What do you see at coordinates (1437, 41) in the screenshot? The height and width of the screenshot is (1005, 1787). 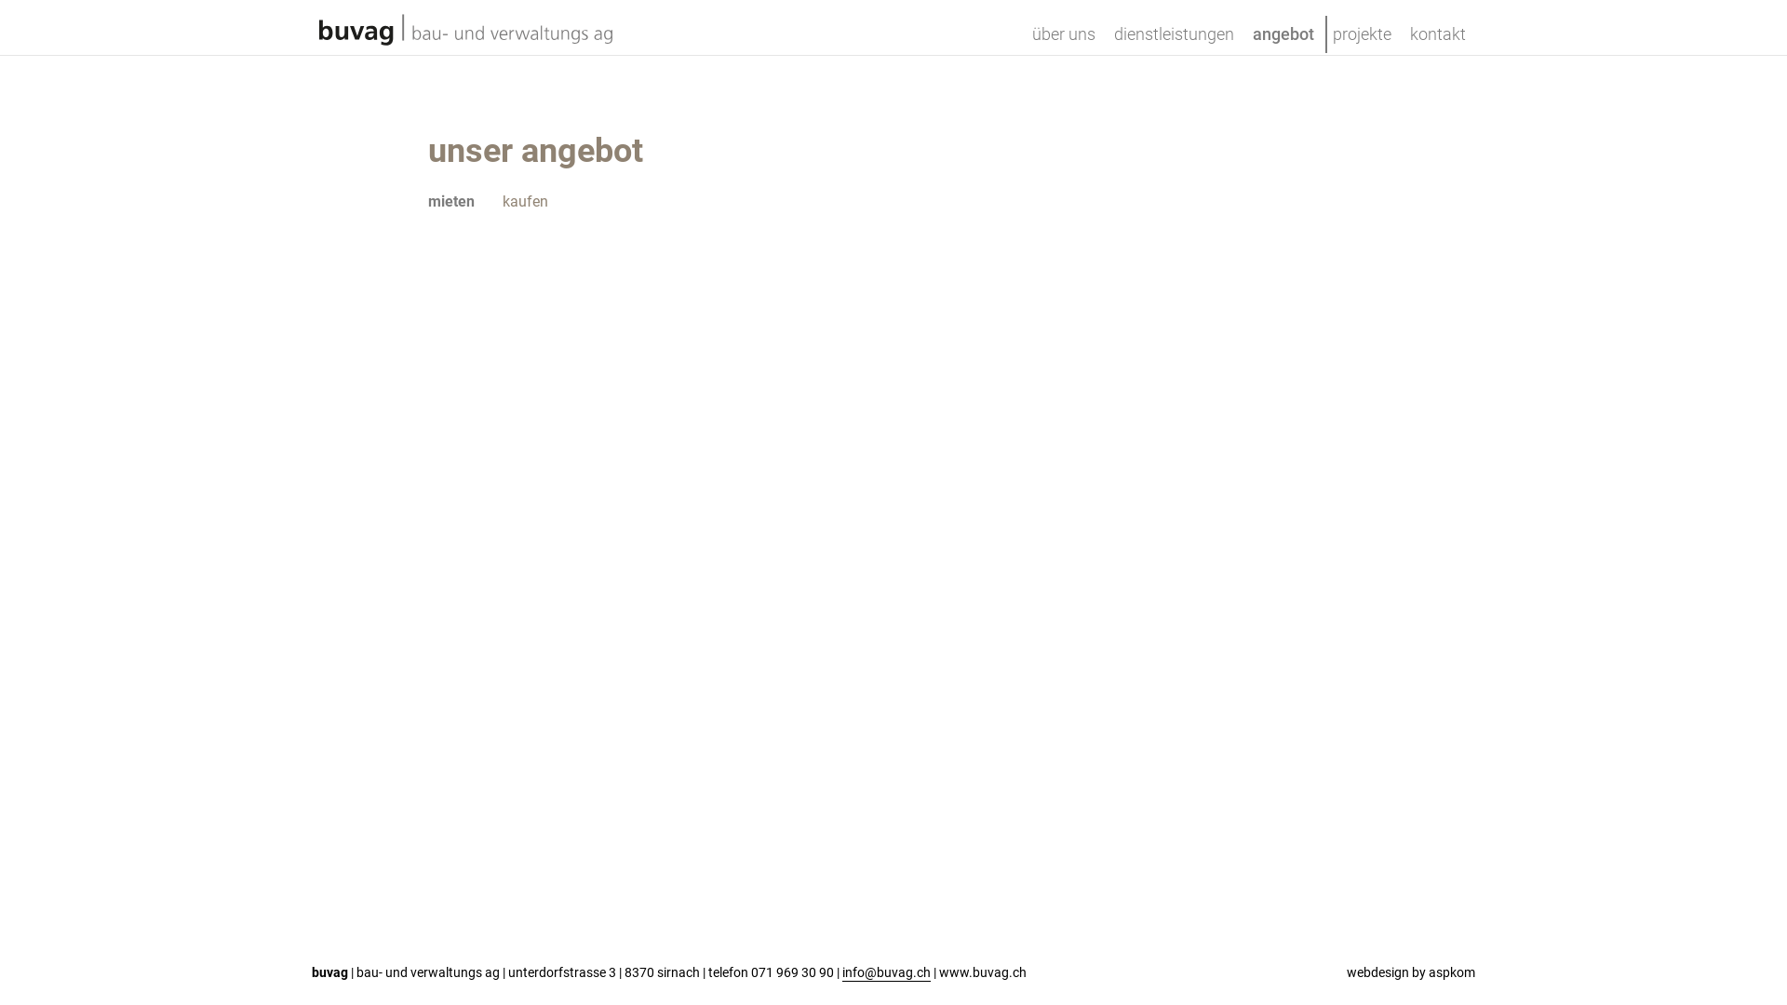 I see `'kontakt'` at bounding box center [1437, 41].